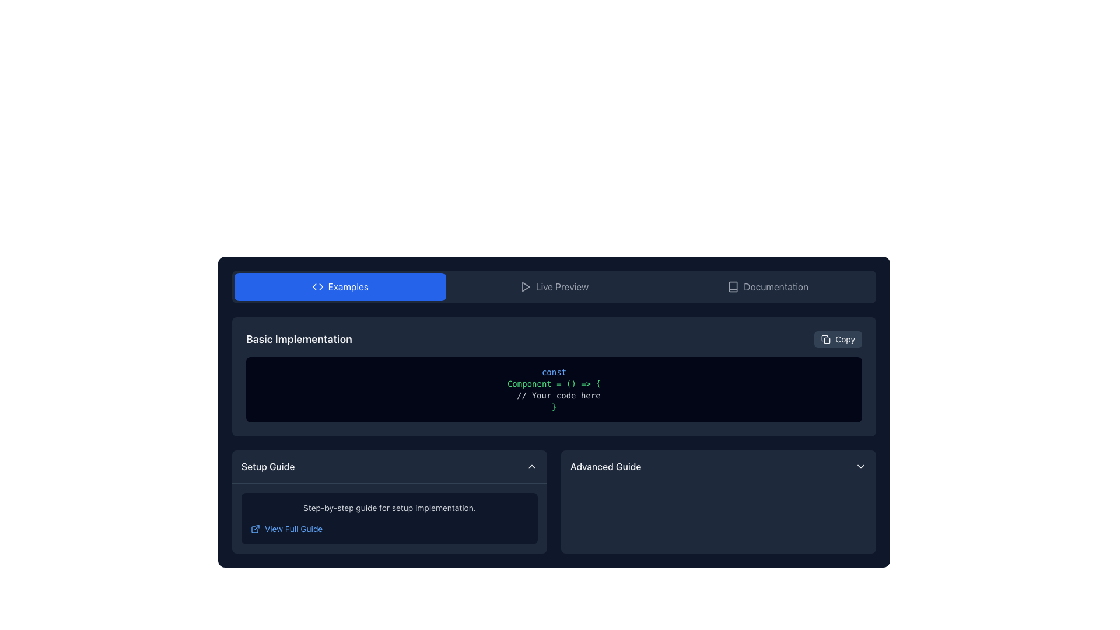 This screenshot has width=1120, height=630. Describe the element at coordinates (825, 339) in the screenshot. I see `the 'Copy' icon, which is a small icon representing the 'Copy' function, located at the top-right corner of the 'Basic Implementation' section, visually aligned with the 'Copy' text` at that location.